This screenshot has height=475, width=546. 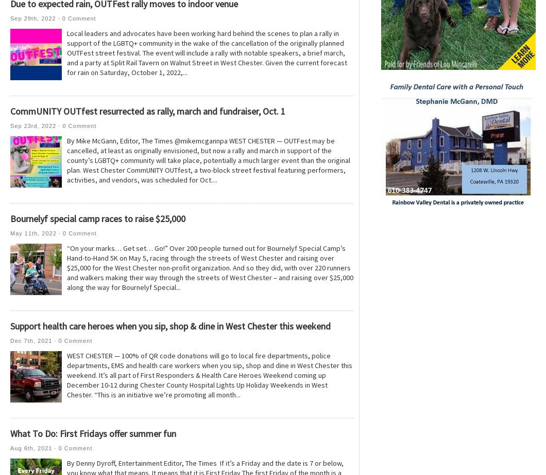 I want to click on 'Sep 23rd, 2022 ·', so click(x=36, y=126).